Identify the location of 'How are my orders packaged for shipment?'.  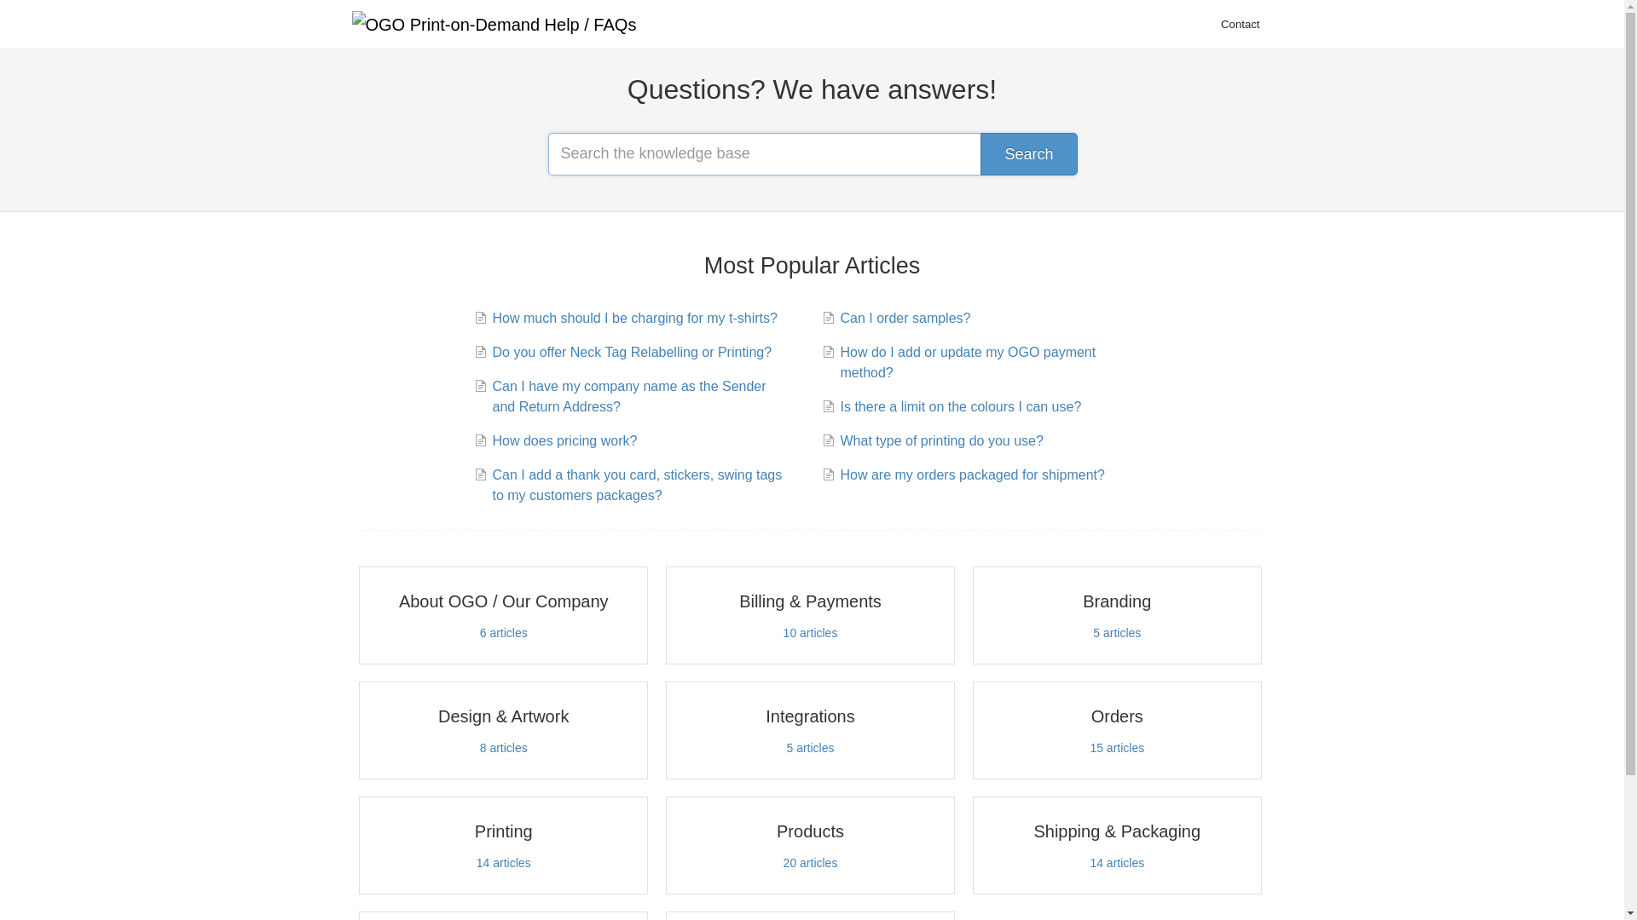
(969, 475).